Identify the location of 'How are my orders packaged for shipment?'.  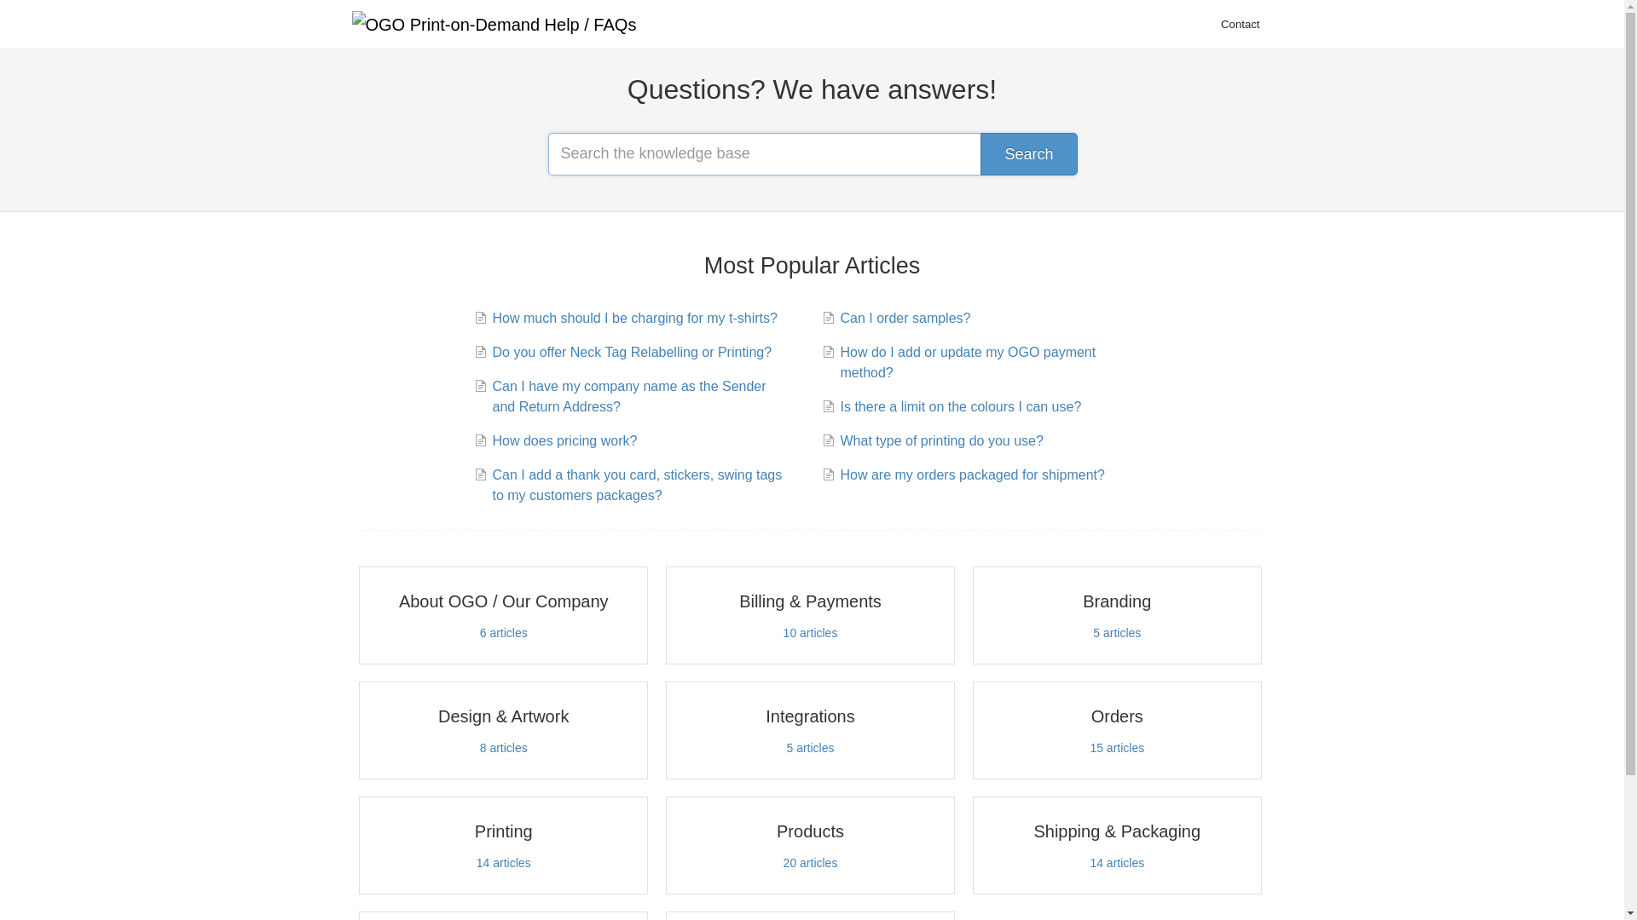
(969, 475).